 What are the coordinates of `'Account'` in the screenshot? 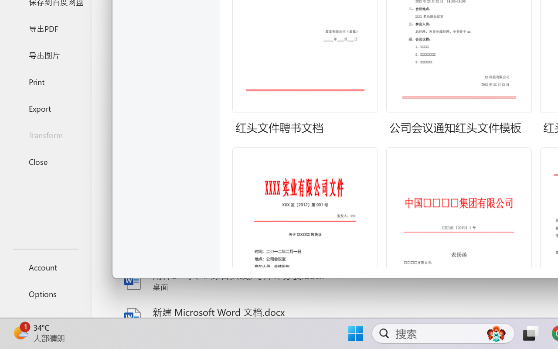 It's located at (45, 267).